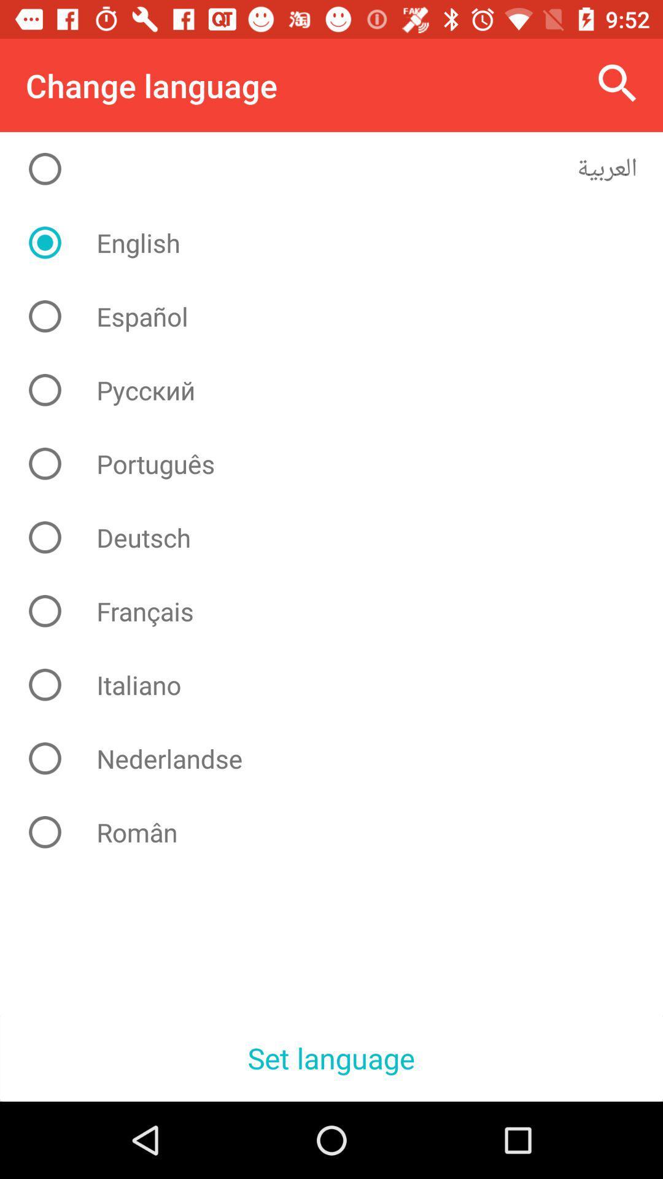  Describe the element at coordinates (341, 832) in the screenshot. I see `the icon above set language icon` at that location.